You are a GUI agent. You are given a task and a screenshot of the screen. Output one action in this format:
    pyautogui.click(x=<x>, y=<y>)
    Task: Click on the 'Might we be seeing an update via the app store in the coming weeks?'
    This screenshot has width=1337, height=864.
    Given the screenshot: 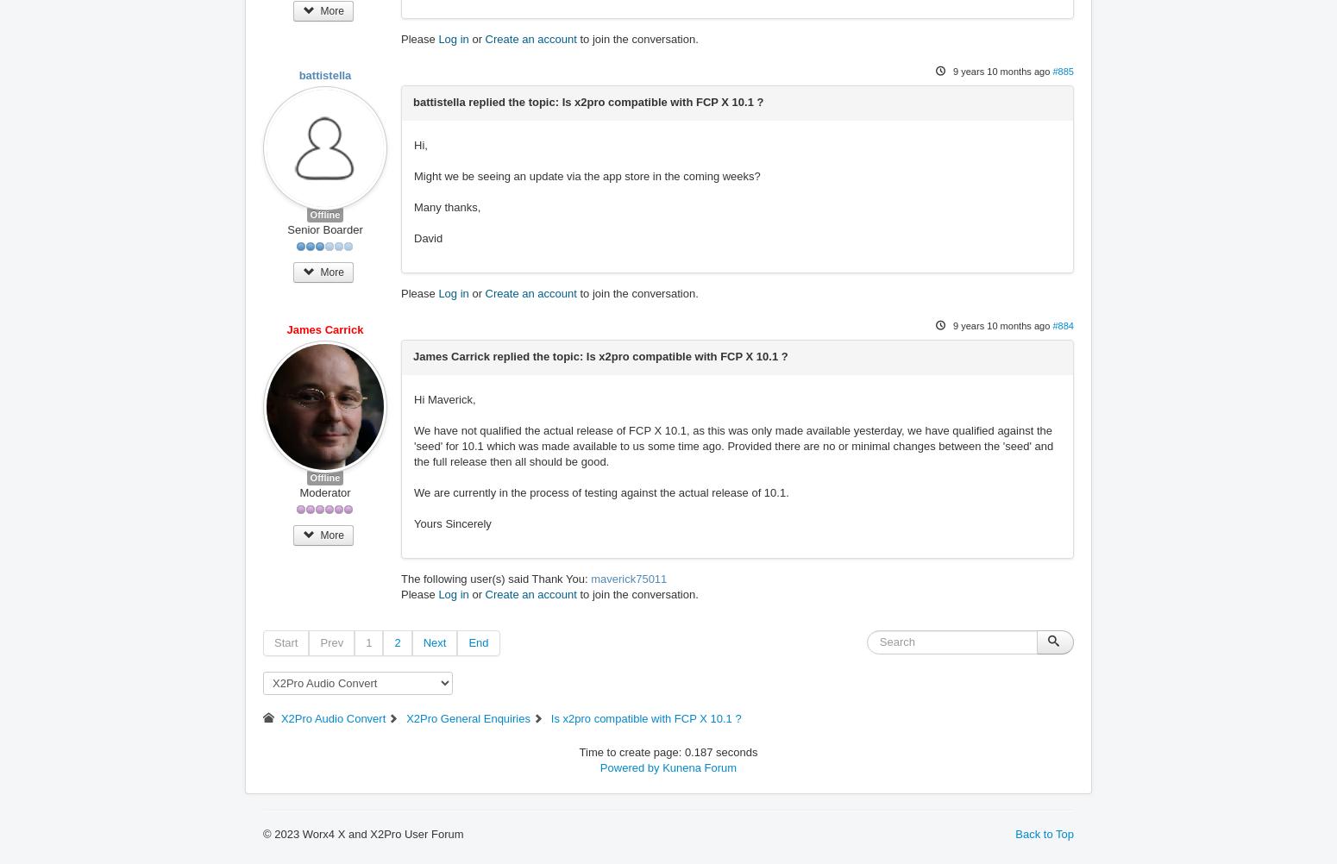 What is the action you would take?
    pyautogui.click(x=586, y=176)
    